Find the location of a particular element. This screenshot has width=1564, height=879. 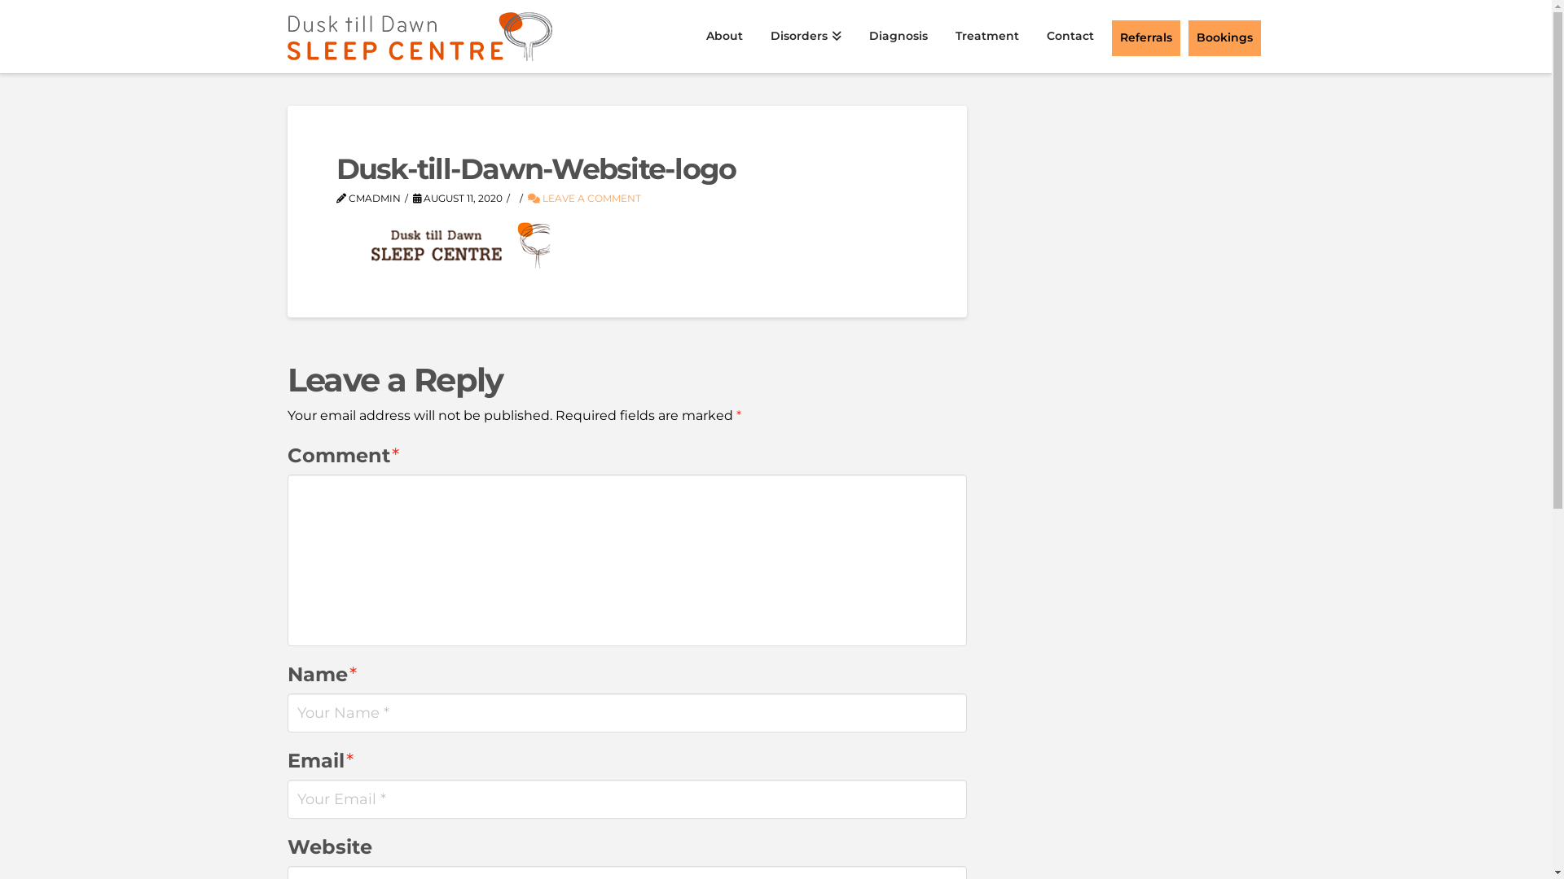

'Bookings' is located at coordinates (1224, 37).